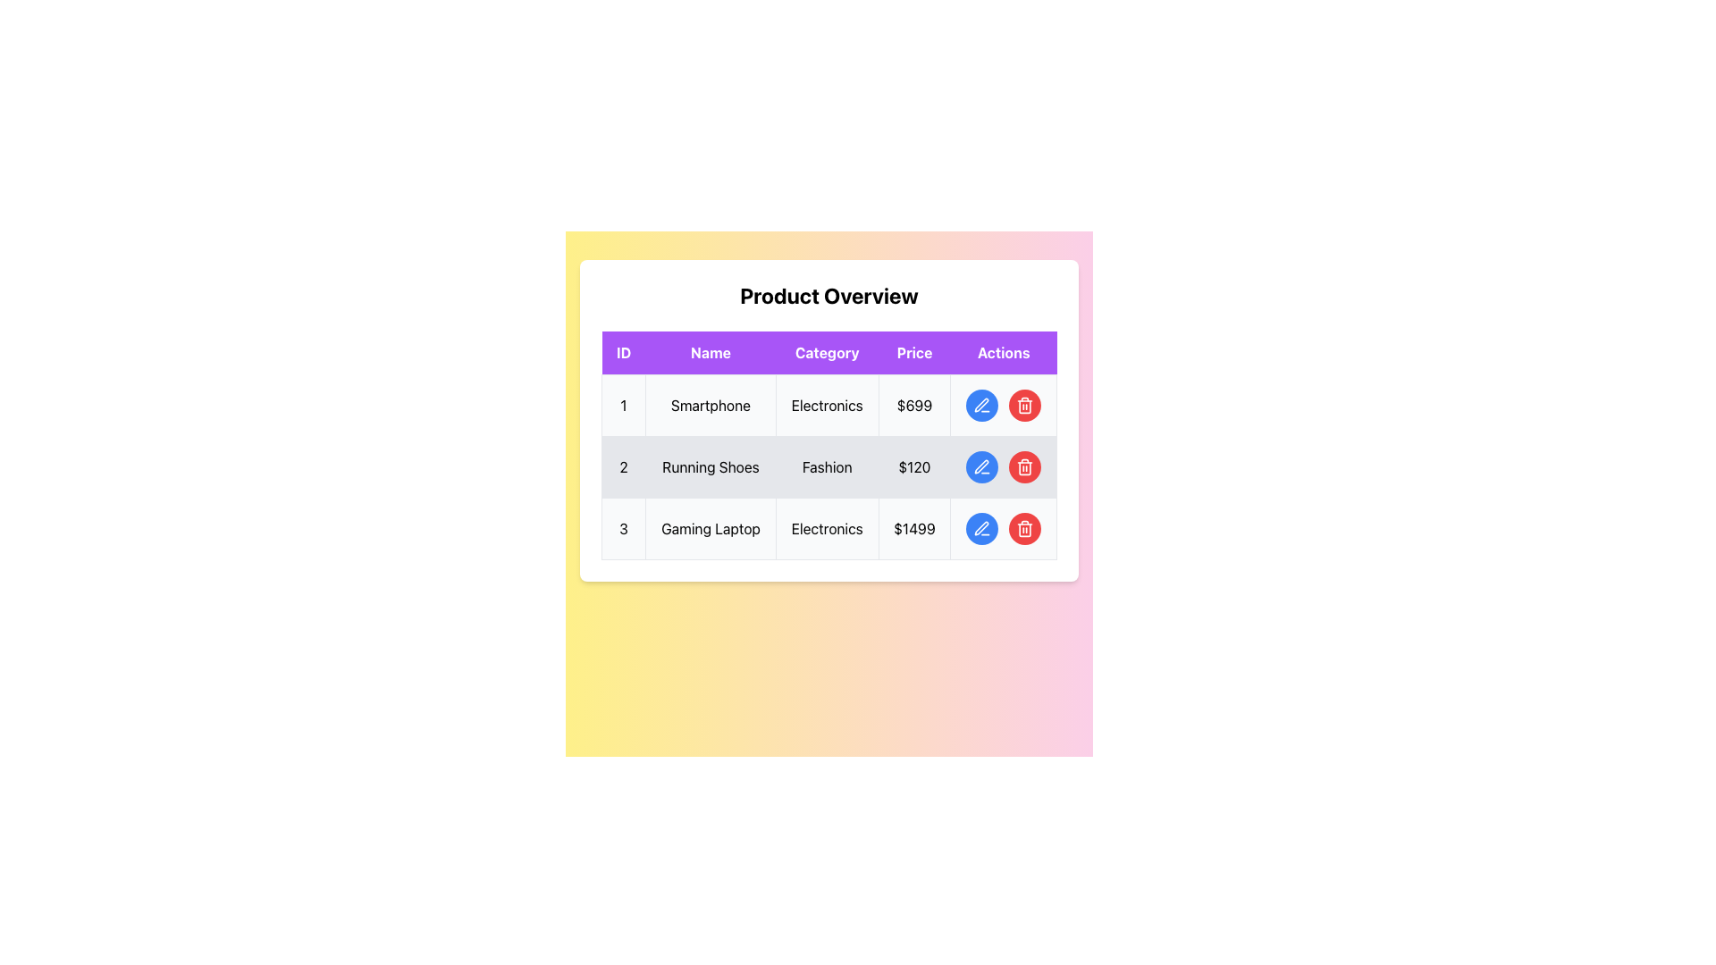 The height and width of the screenshot is (965, 1716). Describe the element at coordinates (624, 466) in the screenshot. I see `the non-interactive text label that identifies the second entry in the table under the 'ID' column` at that location.